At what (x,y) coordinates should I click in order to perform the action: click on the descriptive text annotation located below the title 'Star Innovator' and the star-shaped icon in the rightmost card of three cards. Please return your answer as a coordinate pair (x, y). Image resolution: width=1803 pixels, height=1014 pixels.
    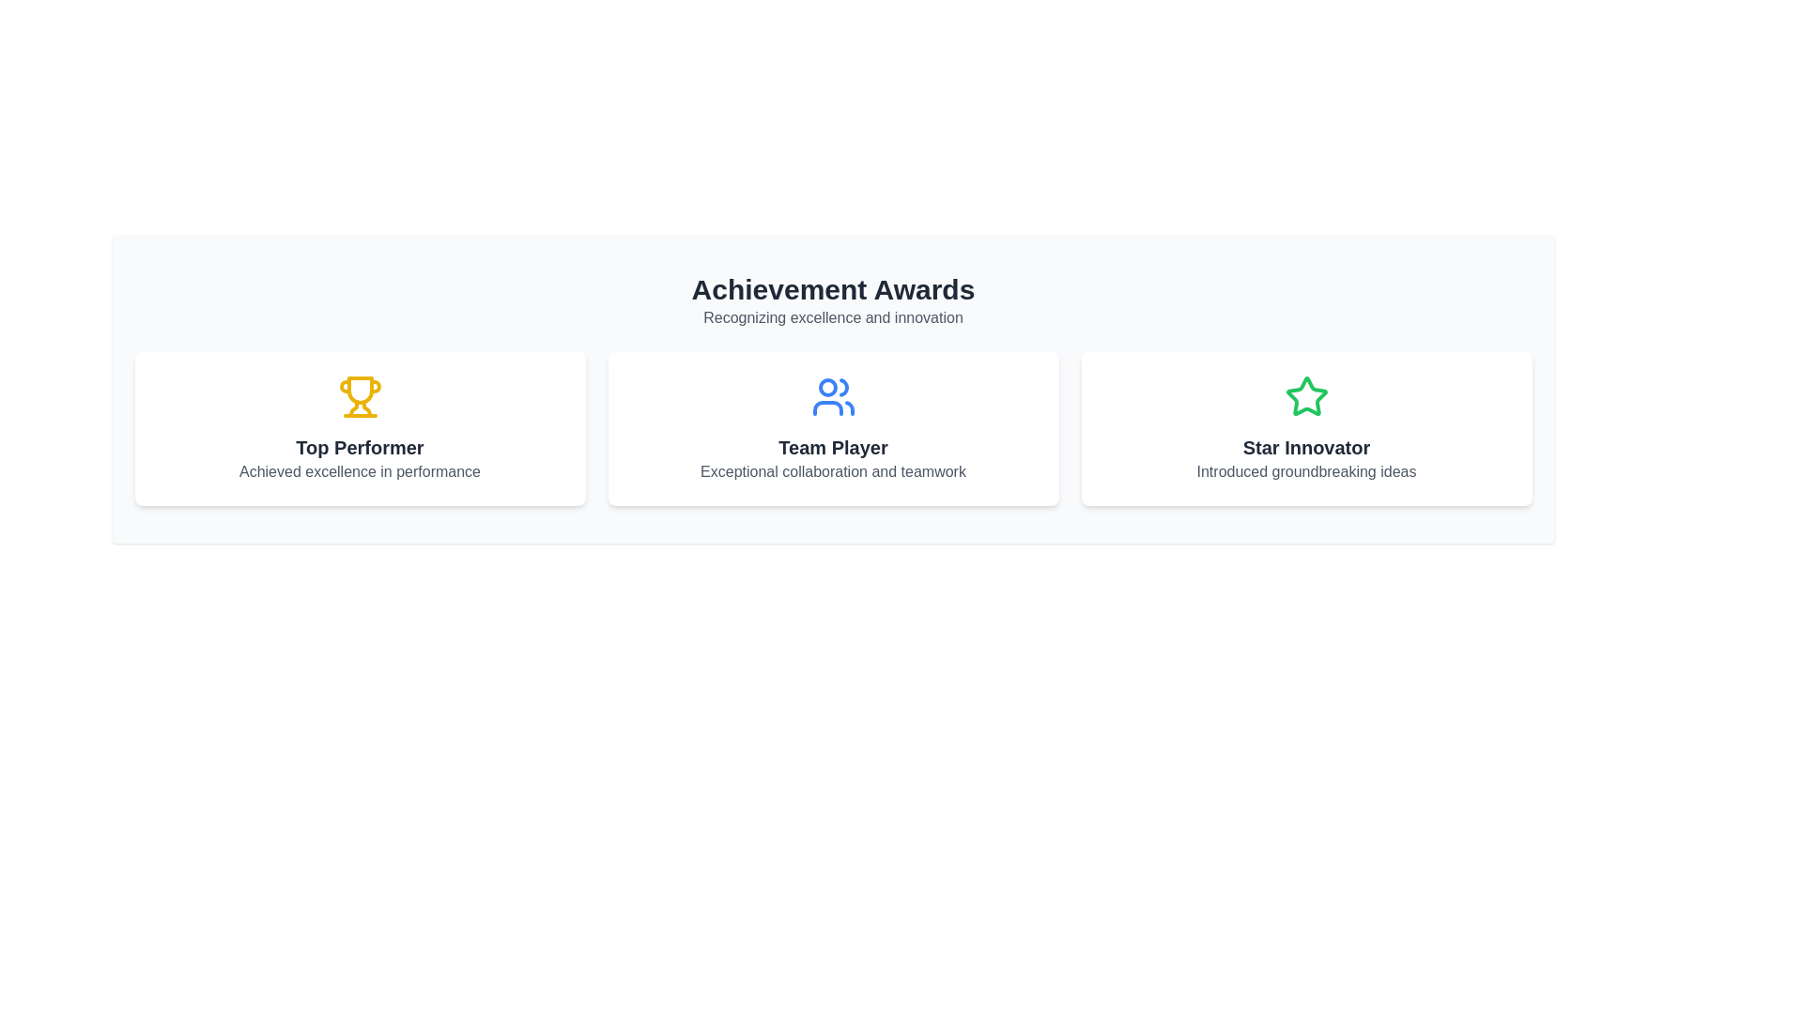
    Looking at the image, I should click on (1305, 470).